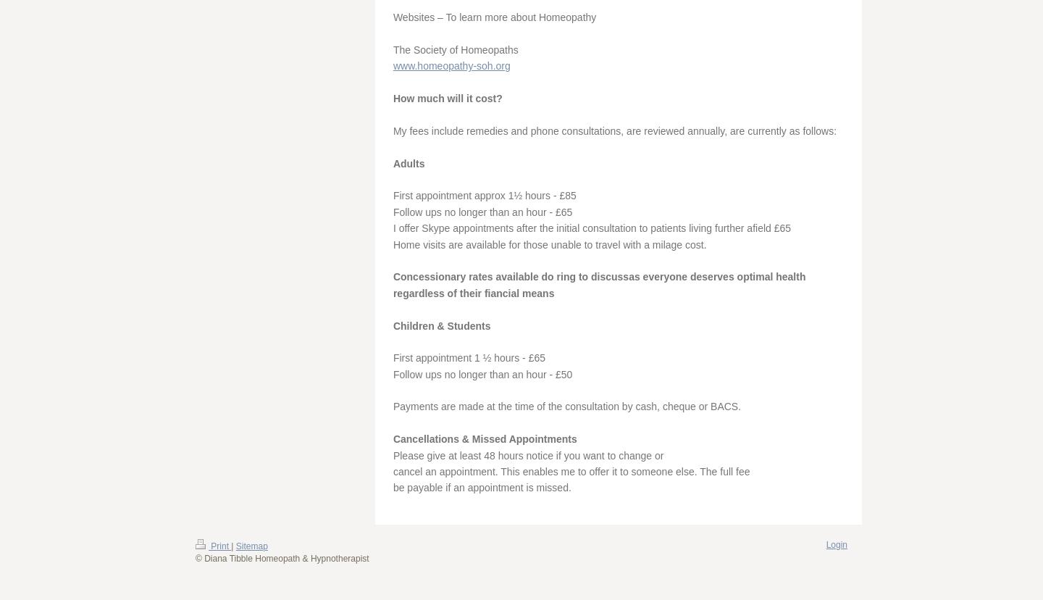  I want to click on 'My fees include remedies and phone consultations, are reviewed annually, are currently as follows:', so click(613, 130).